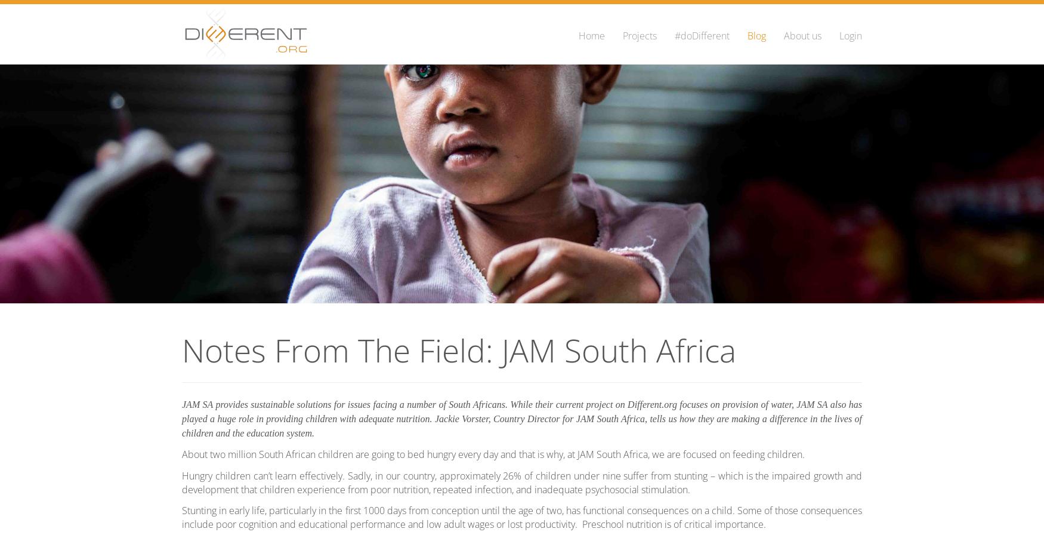 The width and height of the screenshot is (1044, 541). Describe the element at coordinates (522, 418) in the screenshot. I see `'JAM SA provides sustainable solutions for issues facing a number of South Africans. While their current project on Different.org focuses on provision of water, JAM SA also has played a huge role in providing children with adequate nutrition. Jackie Vorster, Country Director for JAM South Africa, tells us how they are making a difference in the lives of children and the education system.'` at that location.